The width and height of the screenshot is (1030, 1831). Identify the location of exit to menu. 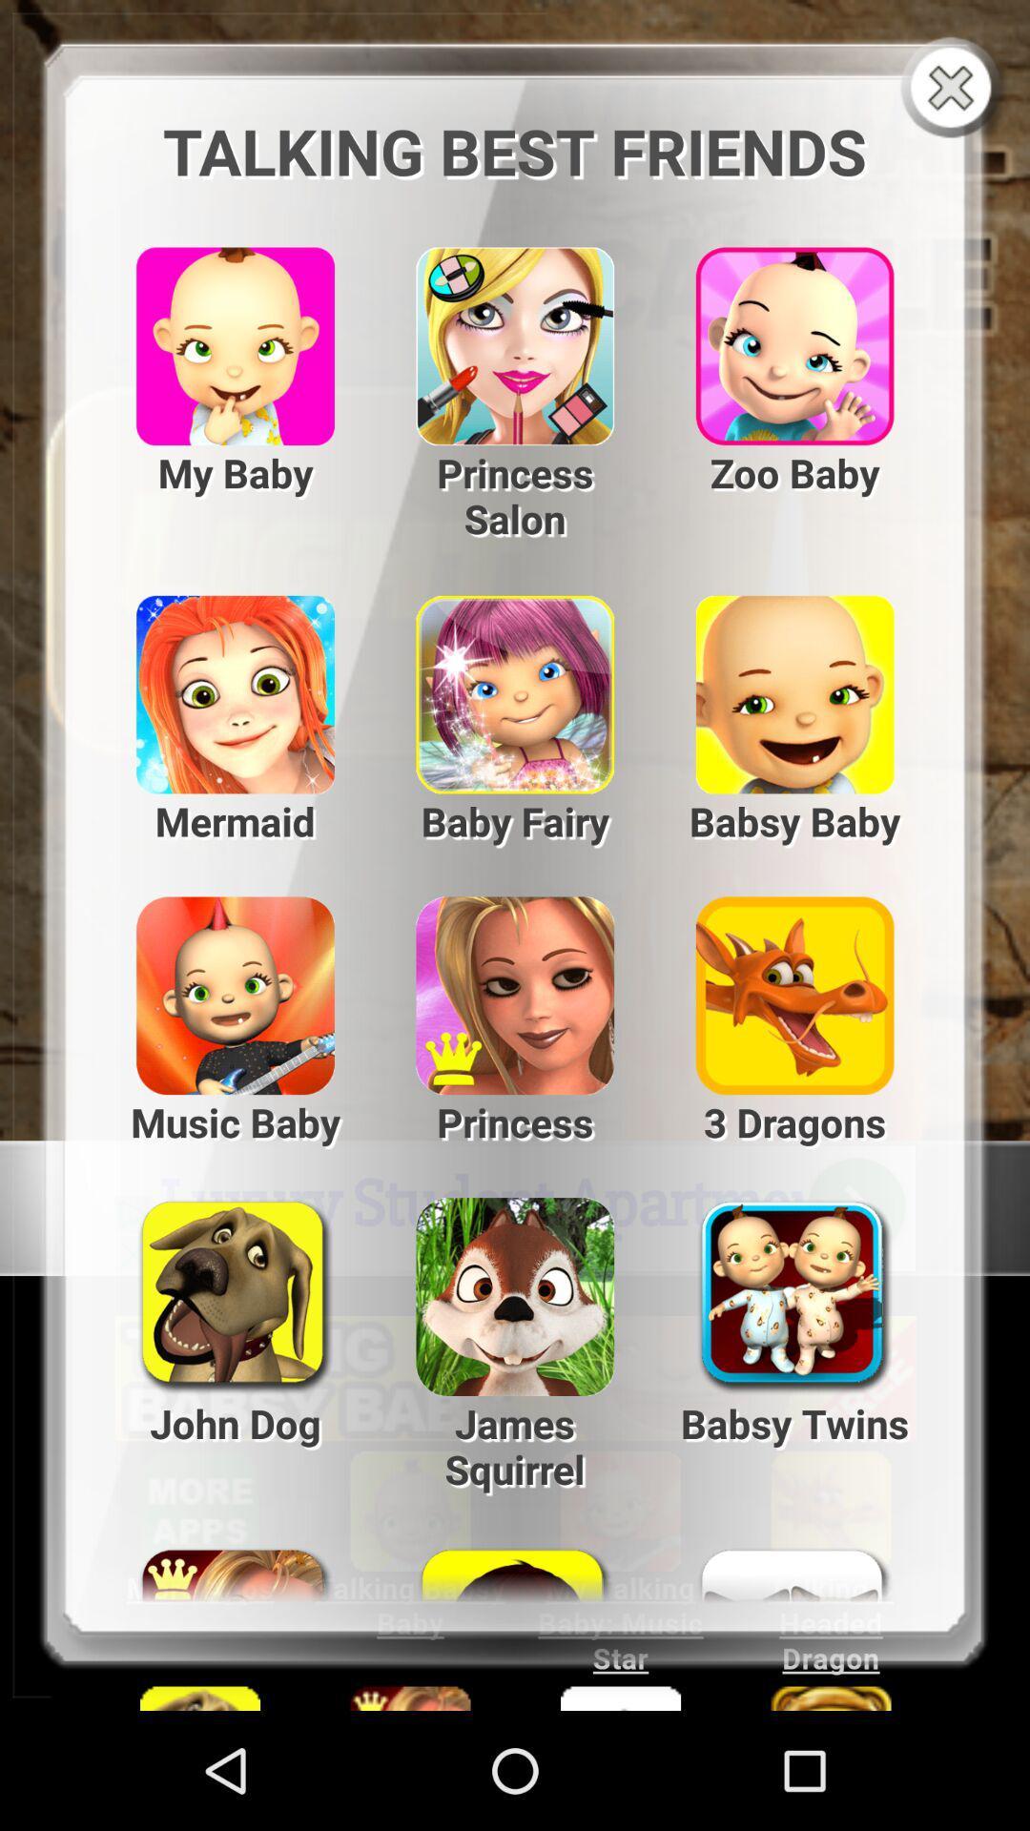
(955, 89).